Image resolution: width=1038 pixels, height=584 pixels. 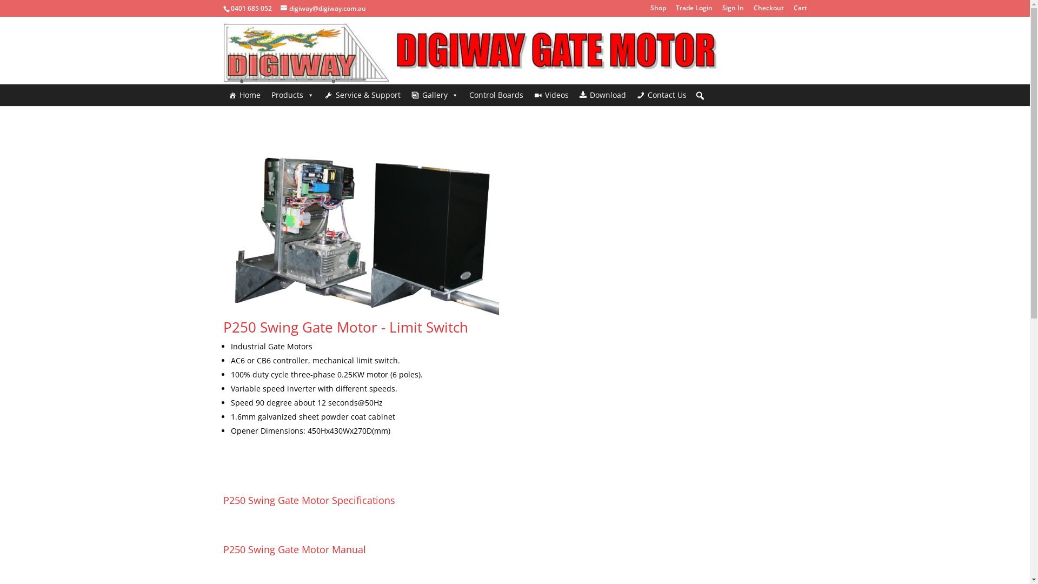 I want to click on 'Videos', so click(x=551, y=95).